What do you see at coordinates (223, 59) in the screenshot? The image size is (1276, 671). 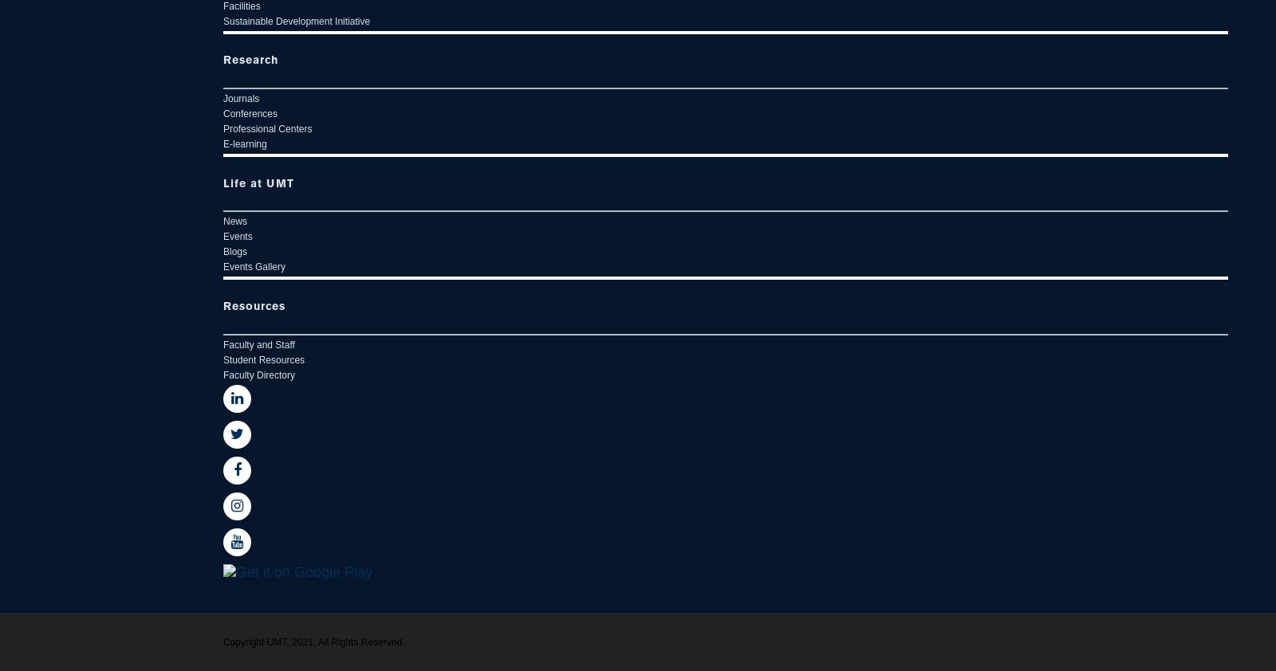 I see `'Research'` at bounding box center [223, 59].